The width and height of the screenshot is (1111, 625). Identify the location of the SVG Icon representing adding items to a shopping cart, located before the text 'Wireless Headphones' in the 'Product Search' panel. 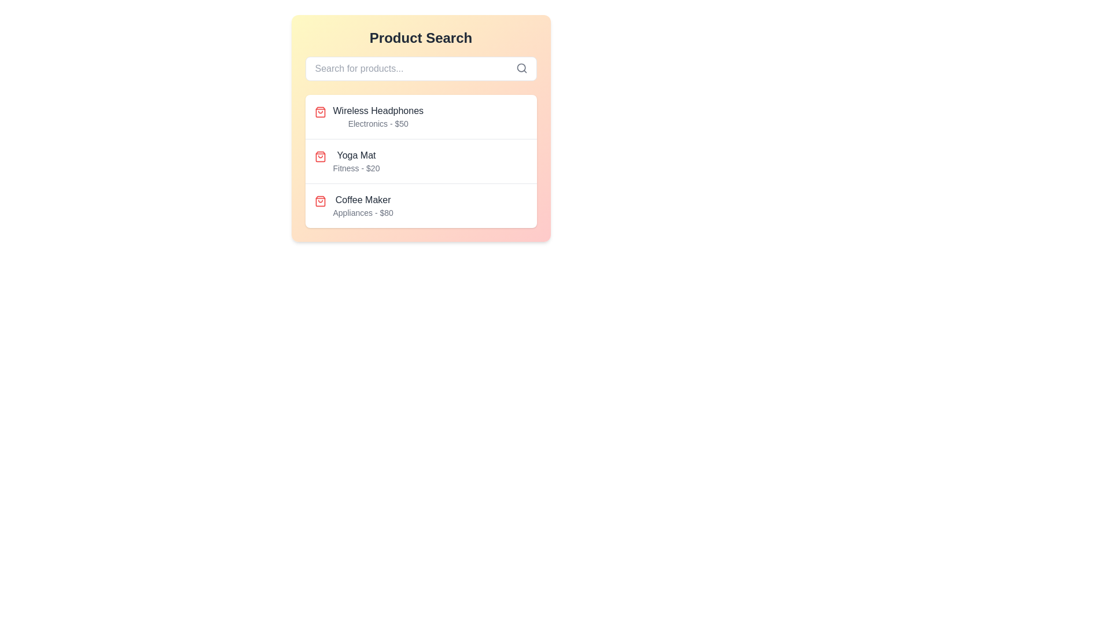
(320, 112).